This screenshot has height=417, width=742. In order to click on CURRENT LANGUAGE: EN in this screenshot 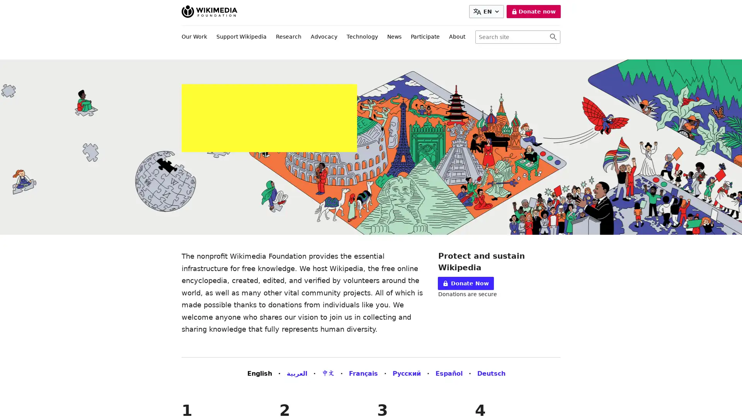, I will do `click(486, 12)`.